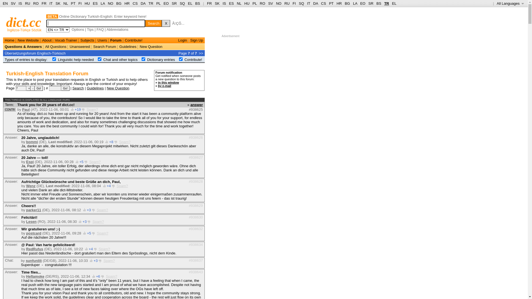  What do you see at coordinates (298, 3) in the screenshot?
I see `'SQ'` at bounding box center [298, 3].